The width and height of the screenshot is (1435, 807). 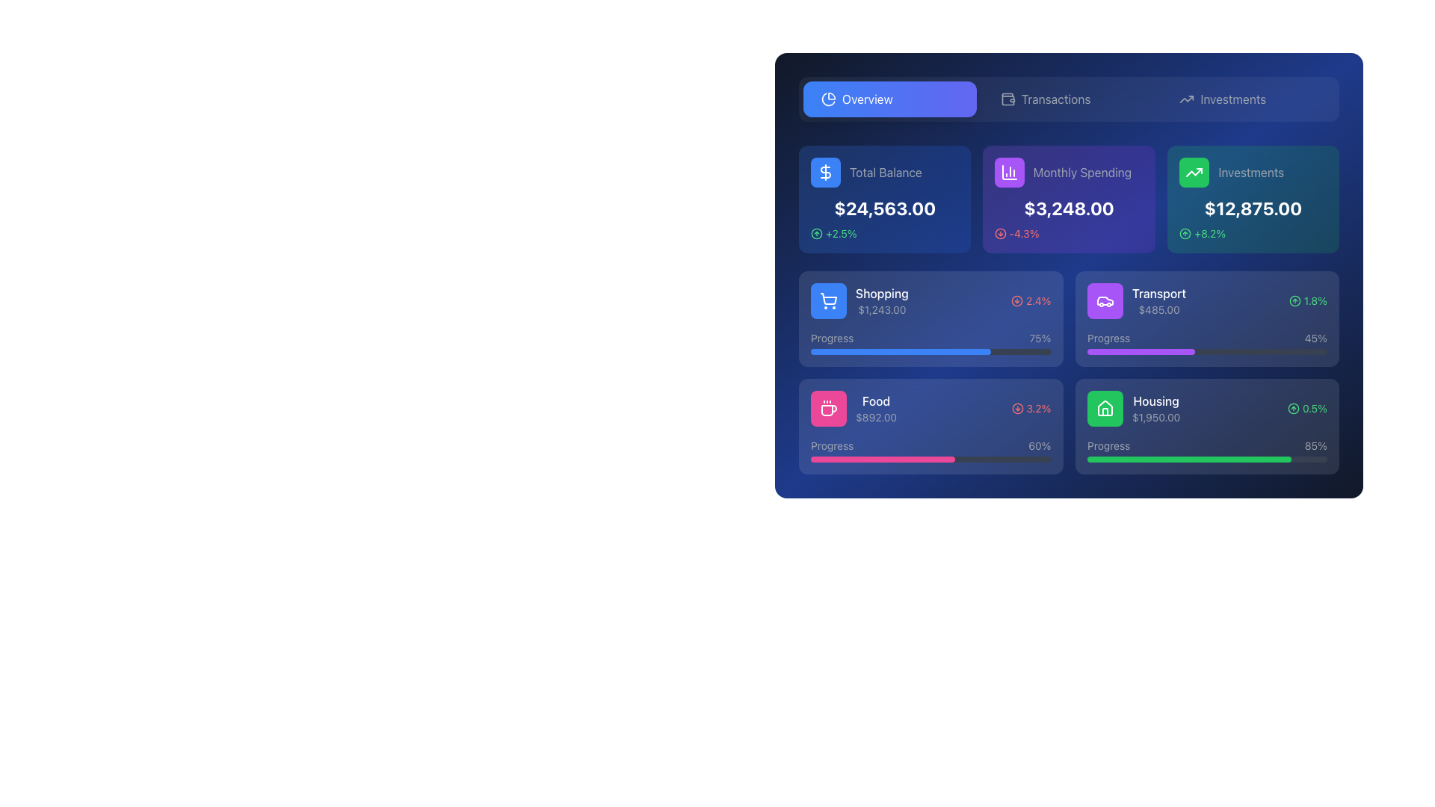 What do you see at coordinates (1193, 172) in the screenshot?
I see `the icon located in the center of the green circular area of the Investments card` at bounding box center [1193, 172].